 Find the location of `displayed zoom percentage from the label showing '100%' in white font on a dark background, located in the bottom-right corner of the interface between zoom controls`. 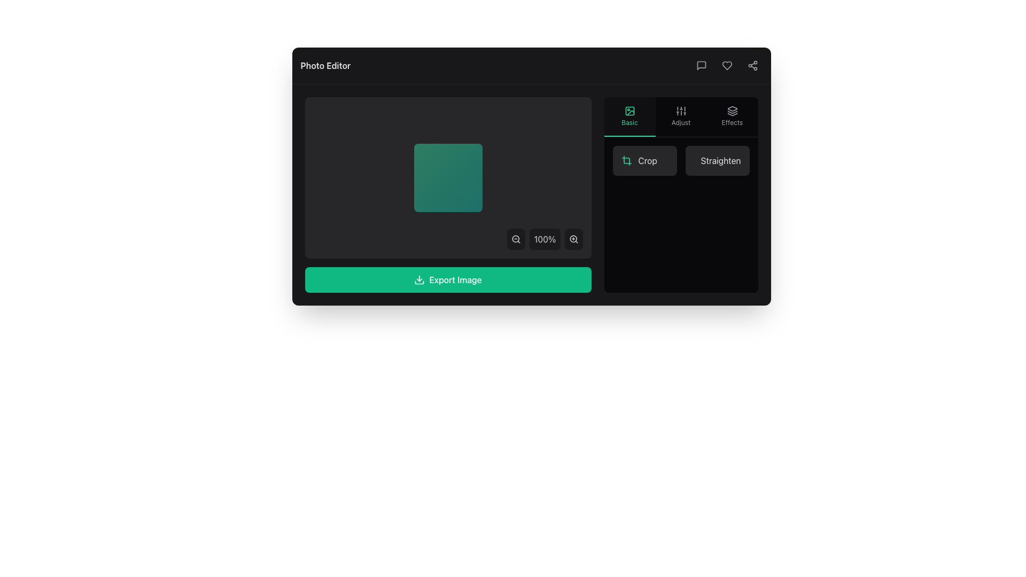

displayed zoom percentage from the label showing '100%' in white font on a dark background, located in the bottom-right corner of the interface between zoom controls is located at coordinates (545, 238).